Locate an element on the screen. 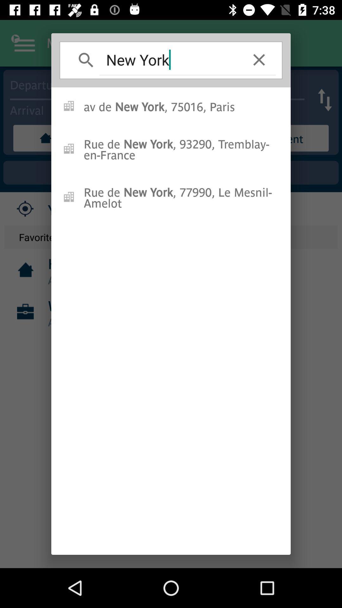  item next to new york icon is located at coordinates (259, 60).